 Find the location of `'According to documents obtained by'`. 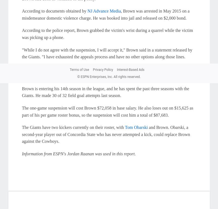

'According to documents obtained by' is located at coordinates (55, 11).